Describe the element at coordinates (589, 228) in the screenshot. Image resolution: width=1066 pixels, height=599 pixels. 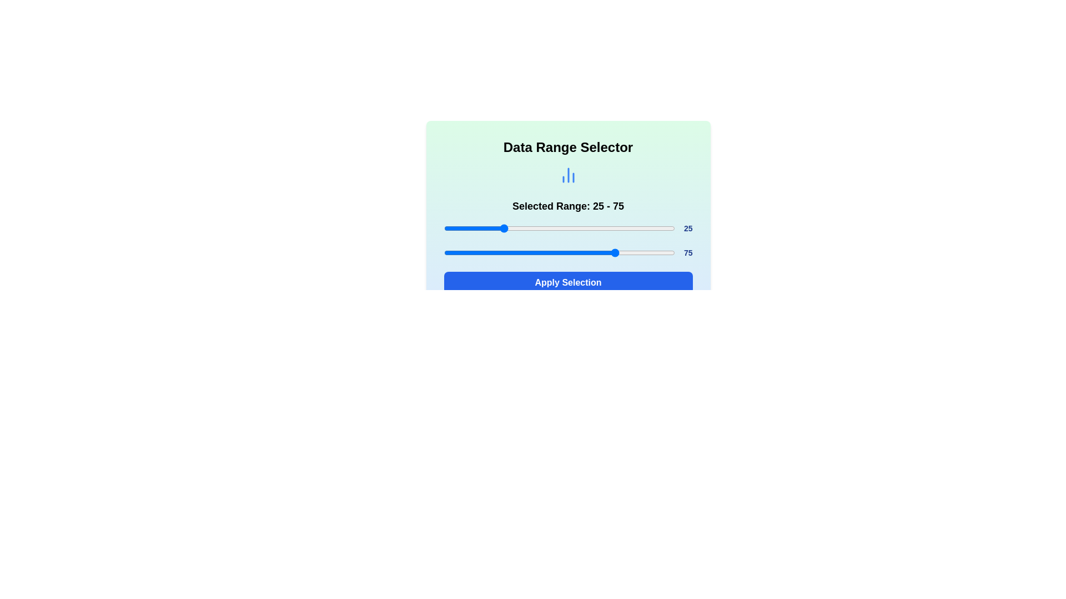
I see `the slider to set its value to 63` at that location.